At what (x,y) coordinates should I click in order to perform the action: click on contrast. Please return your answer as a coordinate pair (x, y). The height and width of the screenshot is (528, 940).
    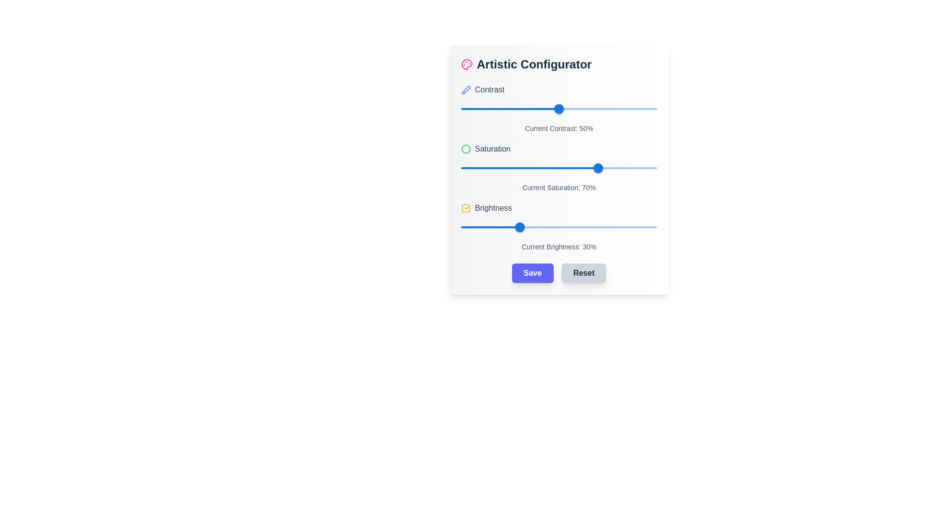
    Looking at the image, I should click on (555, 109).